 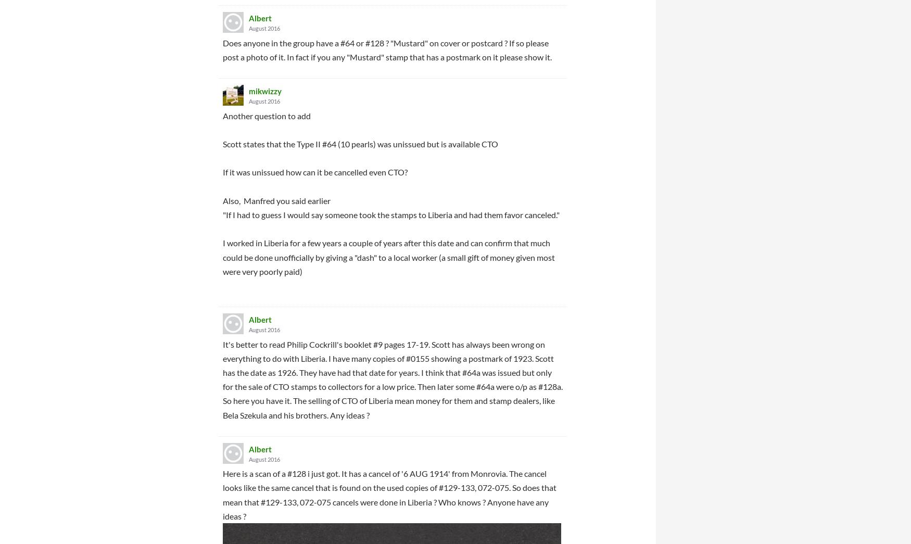 What do you see at coordinates (389, 256) in the screenshot?
I see `'I worked in Liberia for a few years a couple of years after this date and can confirm that much could be done unofficially by giving a "dash" to a local worker (a small gift of money given most were very poorly paid)'` at bounding box center [389, 256].